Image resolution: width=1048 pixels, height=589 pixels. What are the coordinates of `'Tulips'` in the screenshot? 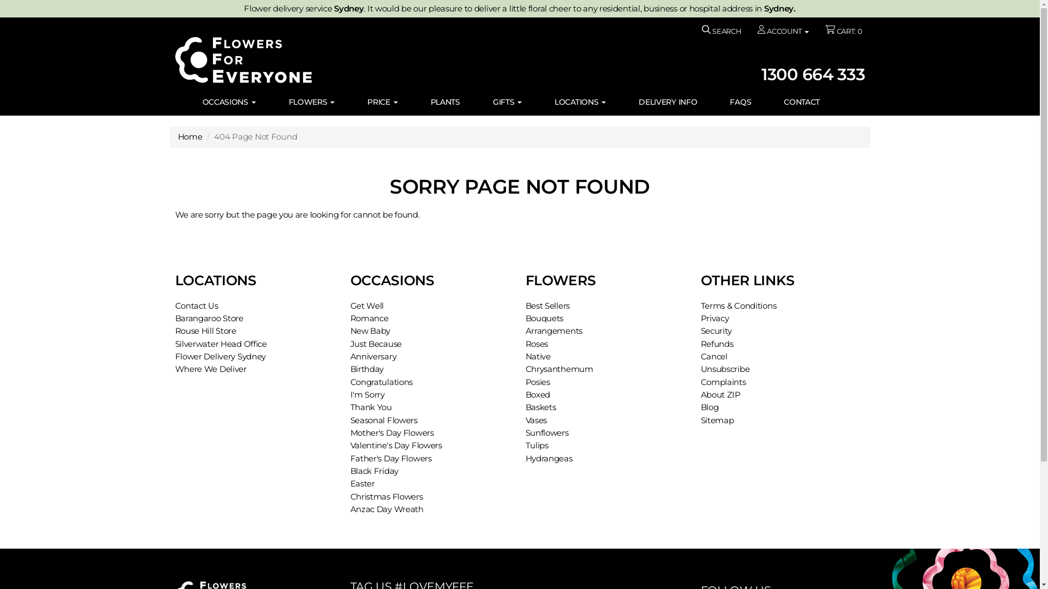 It's located at (537, 446).